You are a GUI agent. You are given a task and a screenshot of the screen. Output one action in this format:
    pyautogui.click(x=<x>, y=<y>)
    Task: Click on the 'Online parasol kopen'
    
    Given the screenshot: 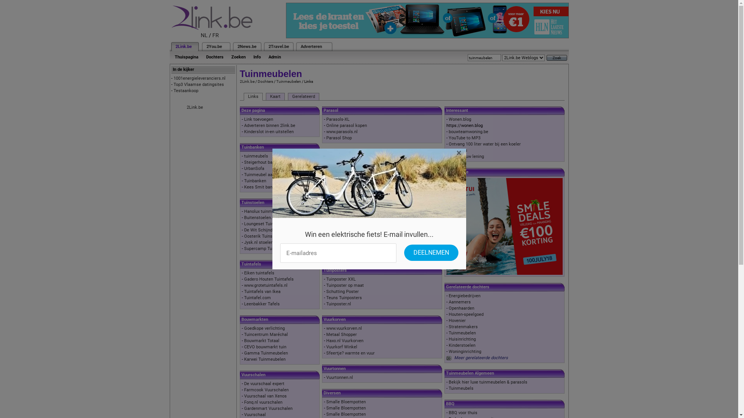 What is the action you would take?
    pyautogui.click(x=346, y=125)
    